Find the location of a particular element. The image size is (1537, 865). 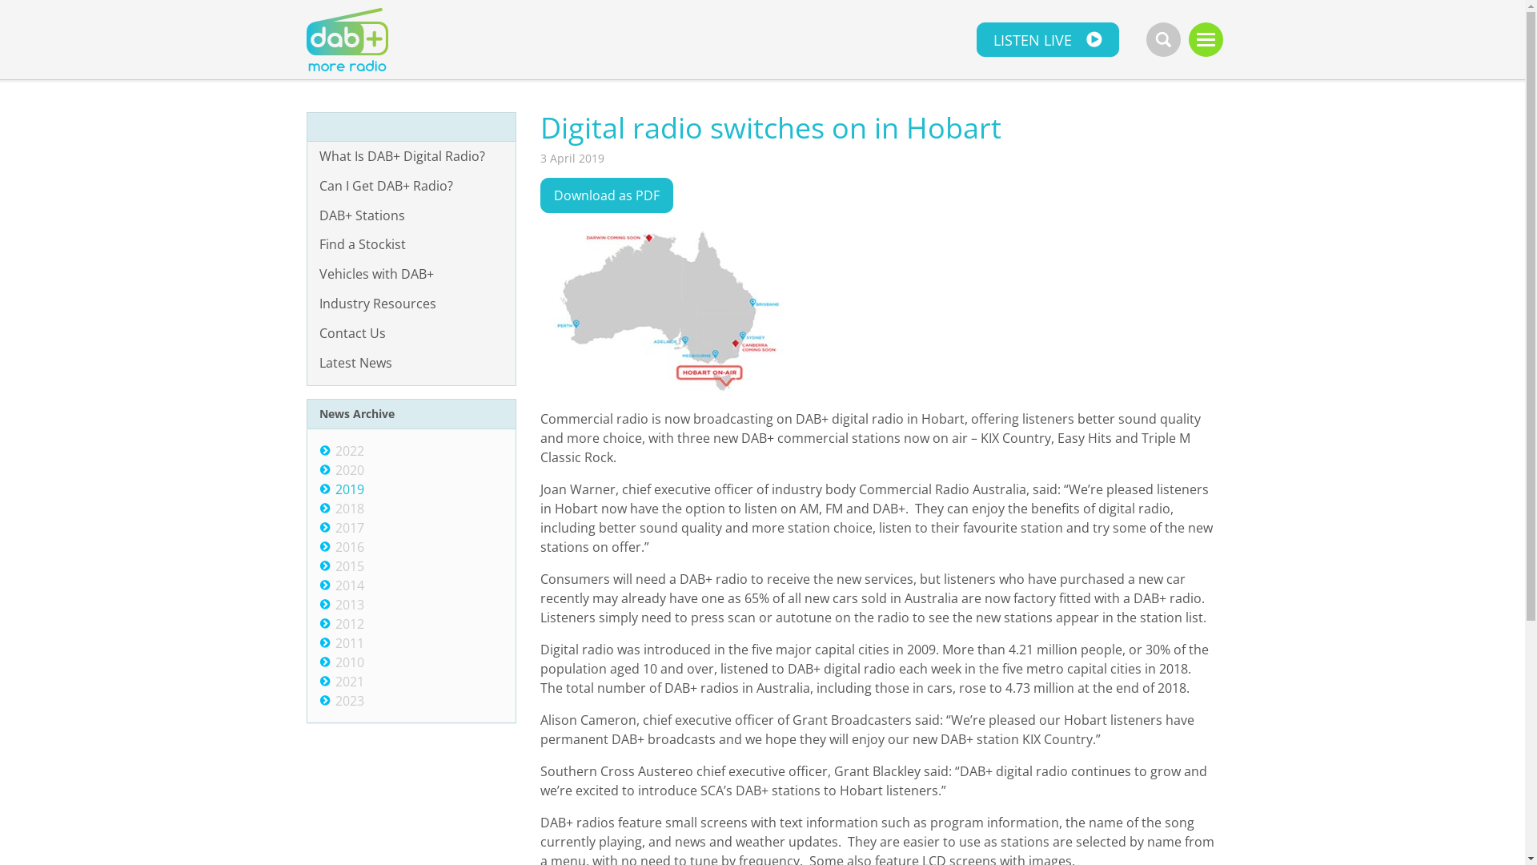

'Site Search' is located at coordinates (1163, 38).